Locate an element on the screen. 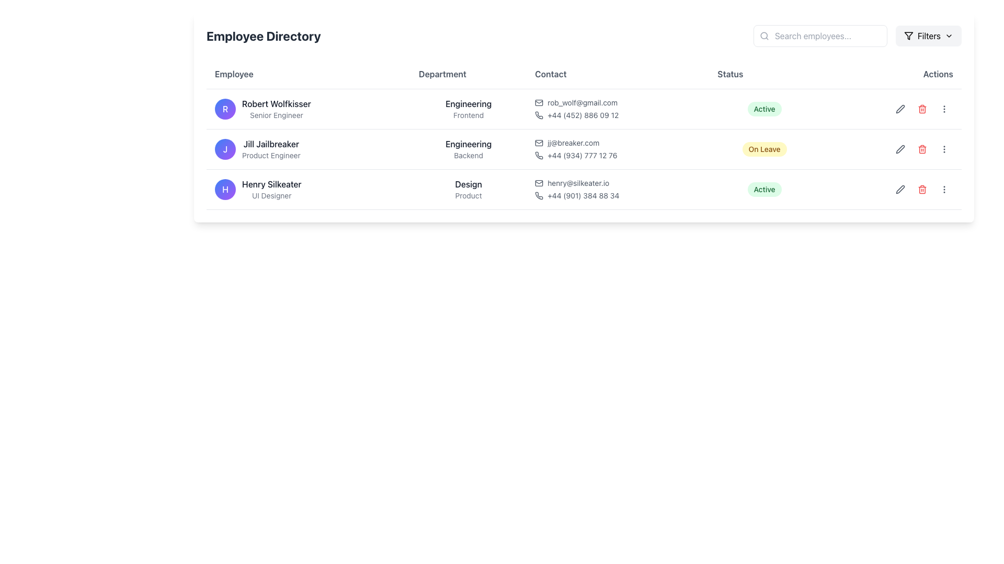 Image resolution: width=1004 pixels, height=564 pixels. the 'Department' text label for 'Robert Wolfkisser' which displays 'Engineering' in bold black font and 'Frontend' in smaller gray font is located at coordinates (468, 109).